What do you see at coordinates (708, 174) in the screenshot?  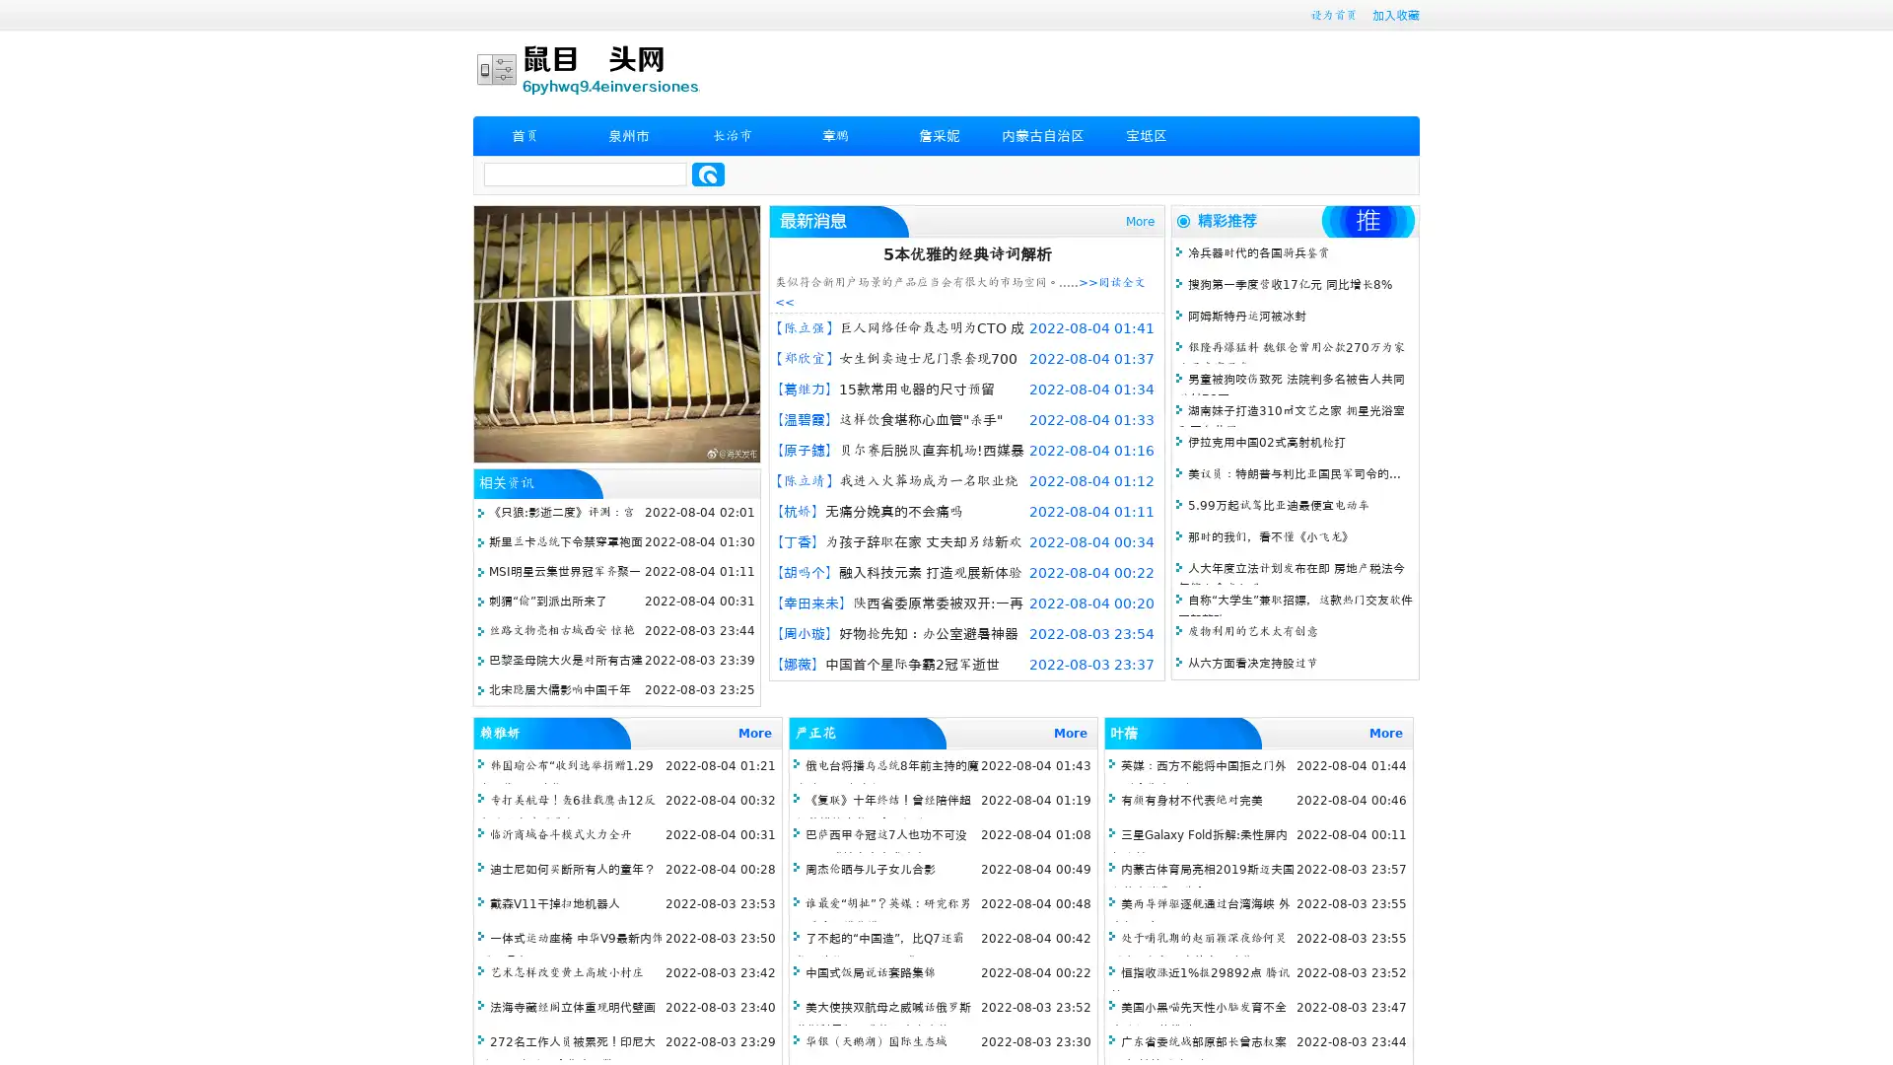 I see `Search` at bounding box center [708, 174].